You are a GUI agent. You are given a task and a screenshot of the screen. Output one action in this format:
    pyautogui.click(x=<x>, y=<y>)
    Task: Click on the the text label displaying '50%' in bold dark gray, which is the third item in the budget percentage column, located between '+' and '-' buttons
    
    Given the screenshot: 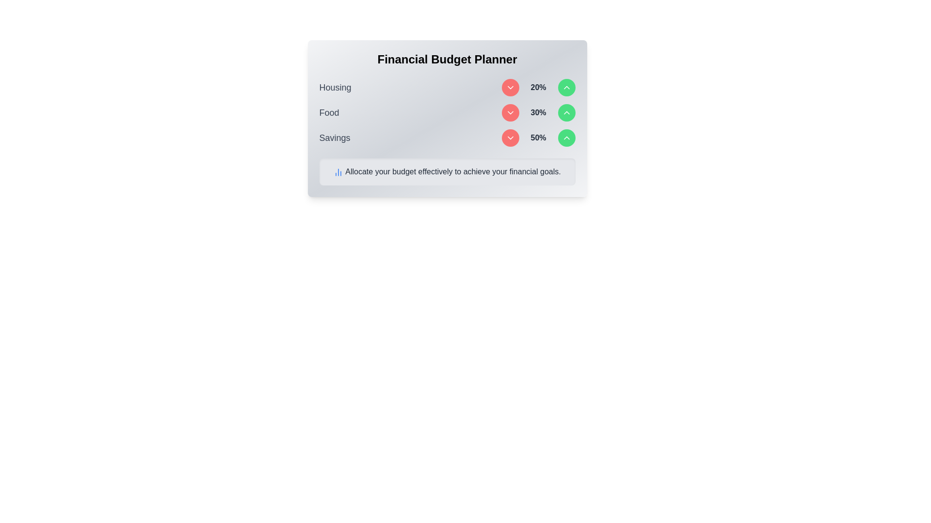 What is the action you would take?
    pyautogui.click(x=538, y=138)
    